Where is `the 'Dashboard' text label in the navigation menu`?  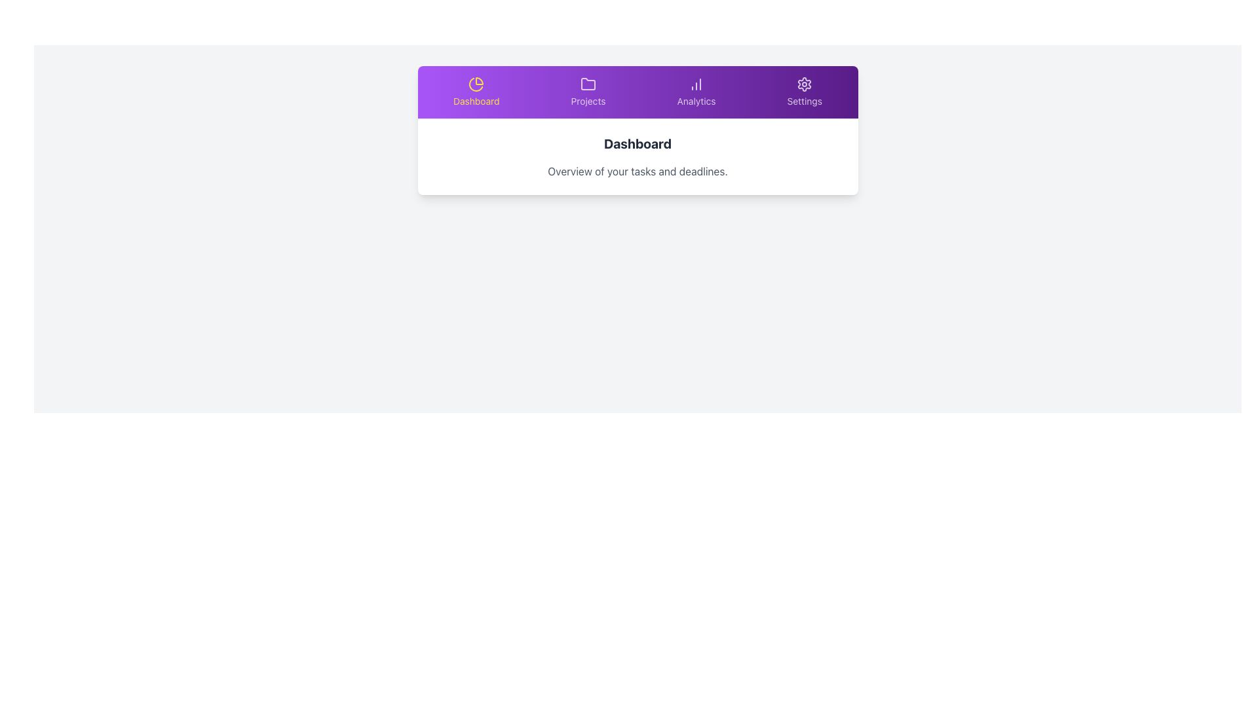
the 'Dashboard' text label in the navigation menu is located at coordinates (476, 100).